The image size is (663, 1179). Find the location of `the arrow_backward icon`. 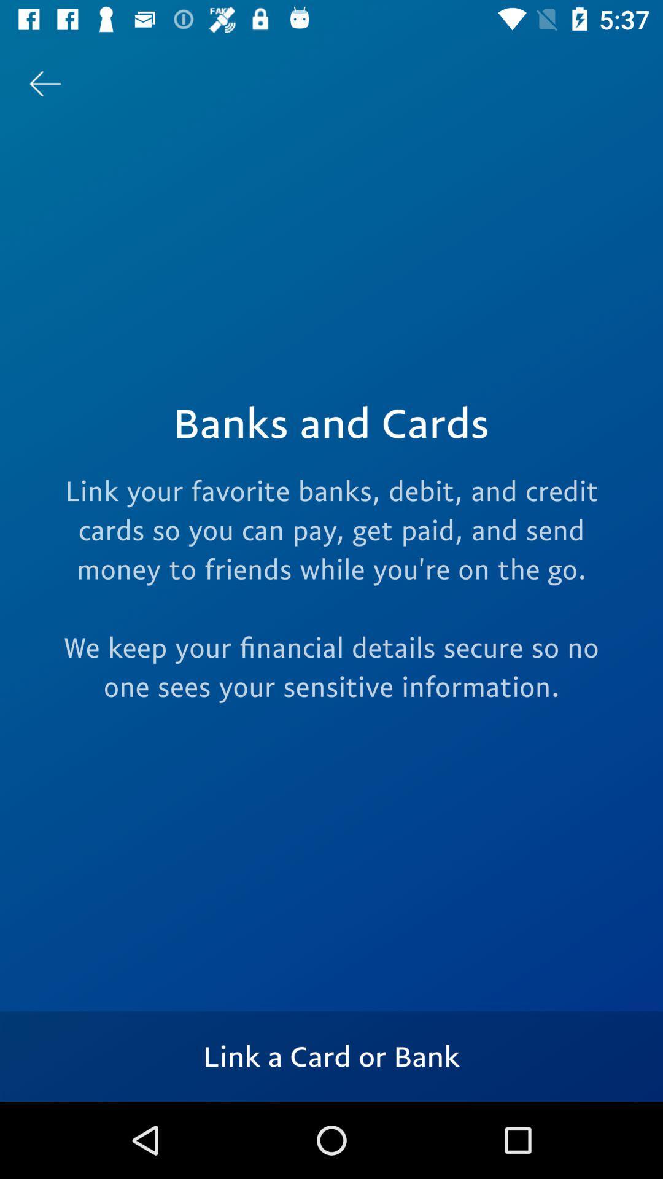

the arrow_backward icon is located at coordinates (44, 83).